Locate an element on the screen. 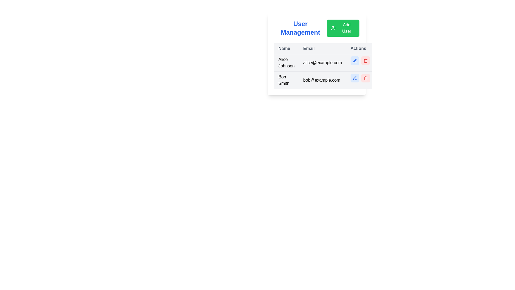  the table in the User Management component, which includes headers 'Name', 'Email', and 'Actions', located centrally within the user management system interface is located at coordinates (317, 54).